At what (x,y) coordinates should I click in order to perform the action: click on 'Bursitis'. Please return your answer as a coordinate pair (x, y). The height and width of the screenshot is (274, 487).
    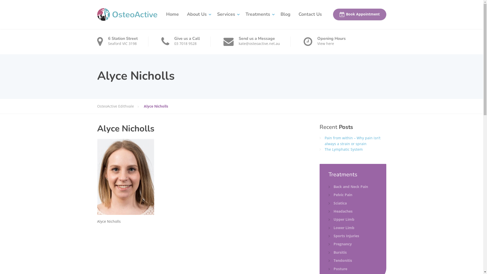
    Looking at the image, I should click on (337, 252).